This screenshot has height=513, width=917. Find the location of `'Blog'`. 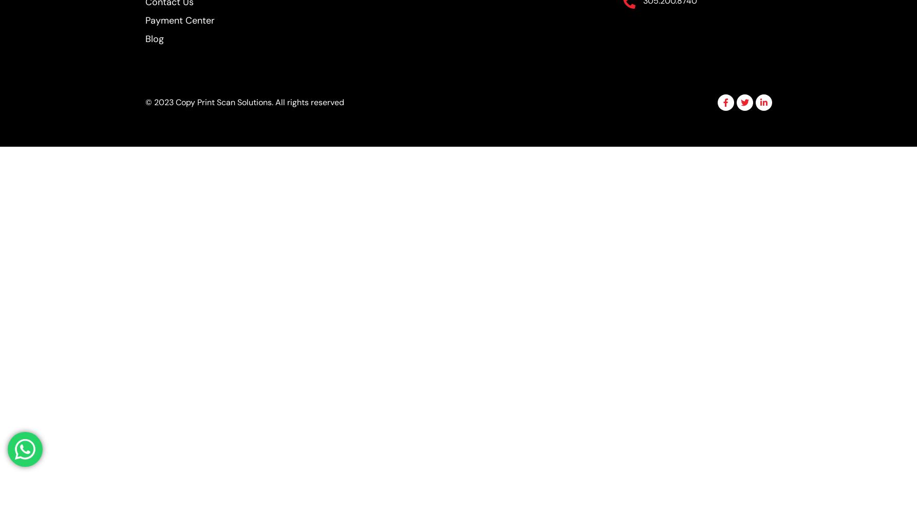

'Blog' is located at coordinates (154, 38).